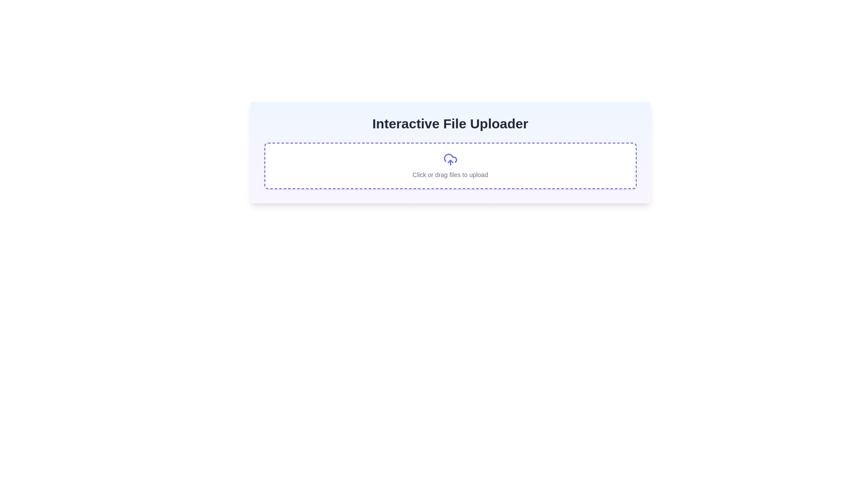  What do you see at coordinates (450, 174) in the screenshot?
I see `the text label displaying 'Click or drag files to upload'` at bounding box center [450, 174].